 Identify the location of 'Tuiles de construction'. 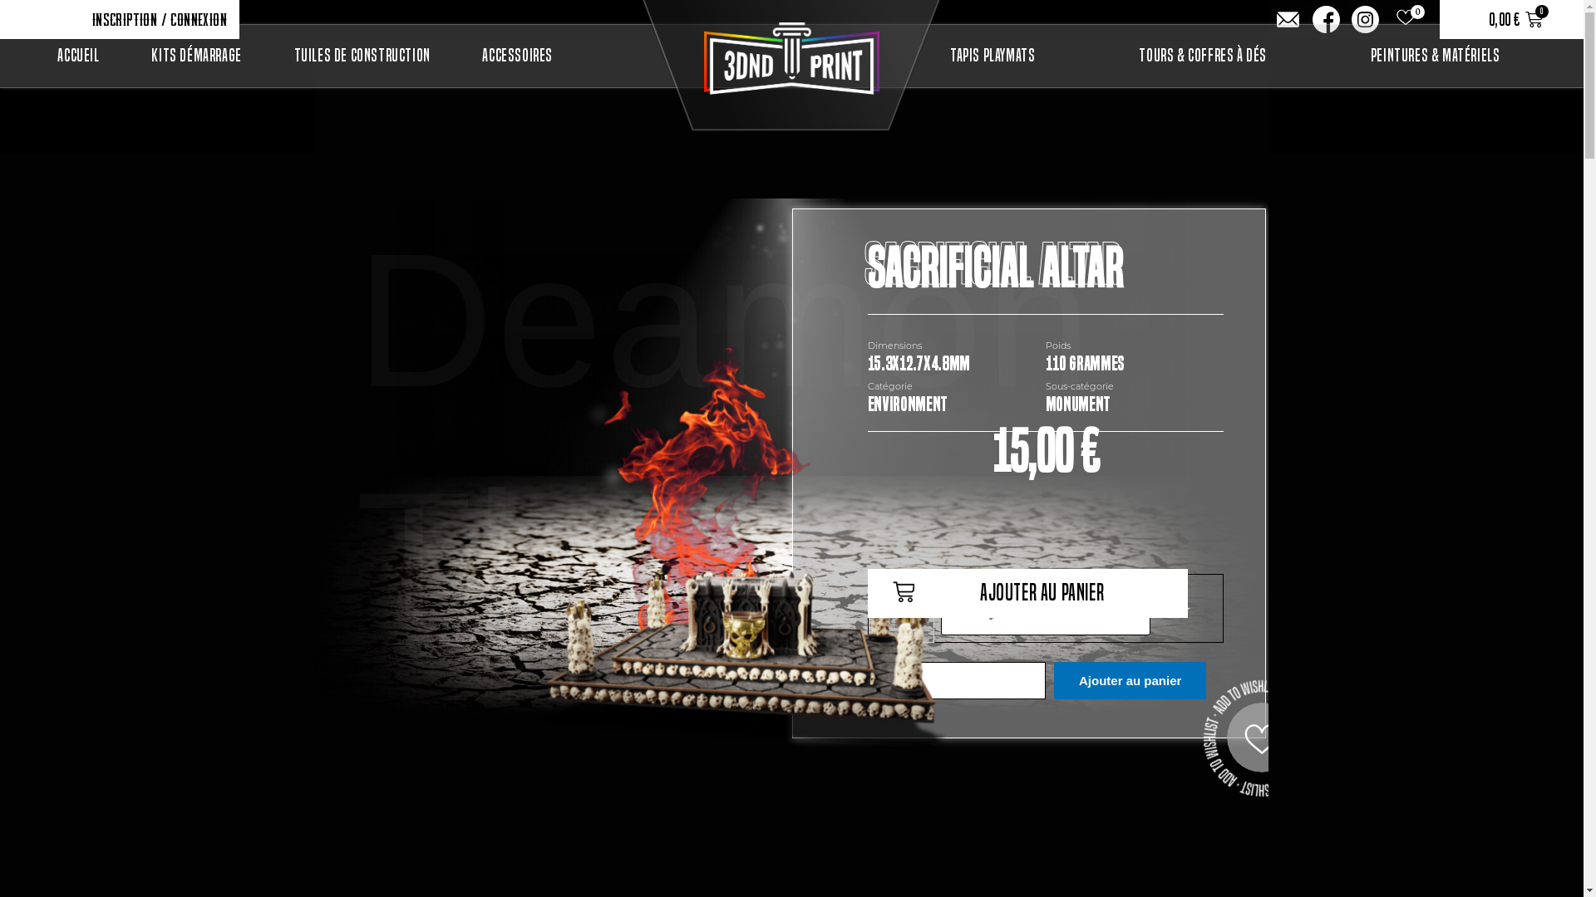
(267, 54).